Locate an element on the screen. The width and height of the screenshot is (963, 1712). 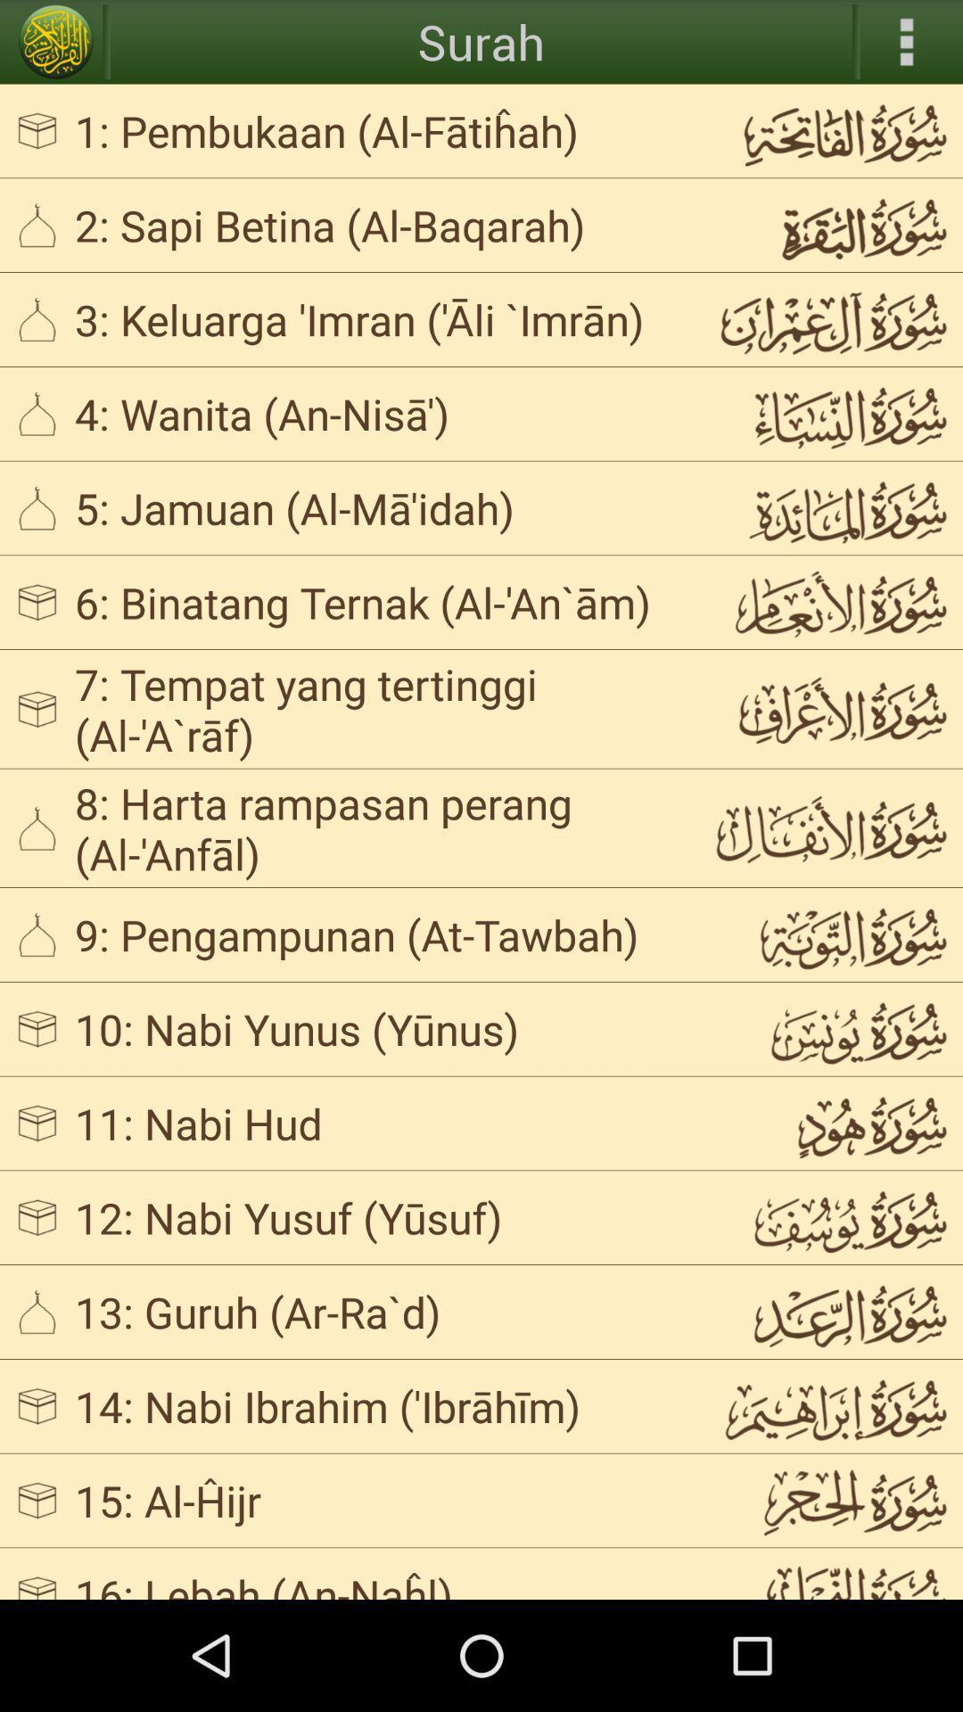
app above 8 harta rampasan is located at coordinates (378, 708).